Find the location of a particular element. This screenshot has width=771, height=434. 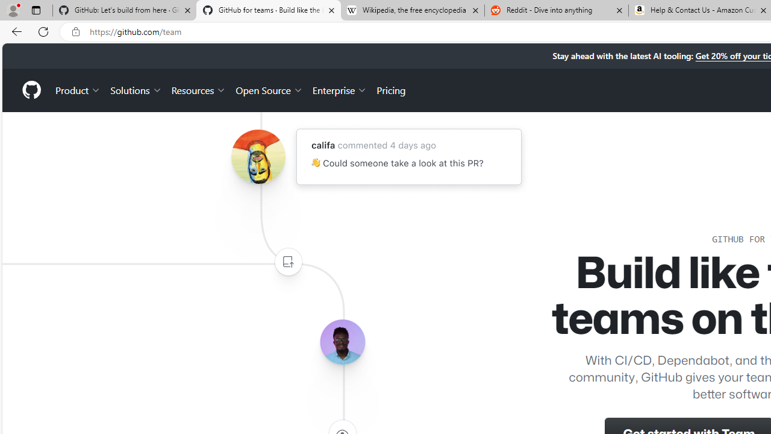

'Avatar of the user lerebear' is located at coordinates (342, 342).